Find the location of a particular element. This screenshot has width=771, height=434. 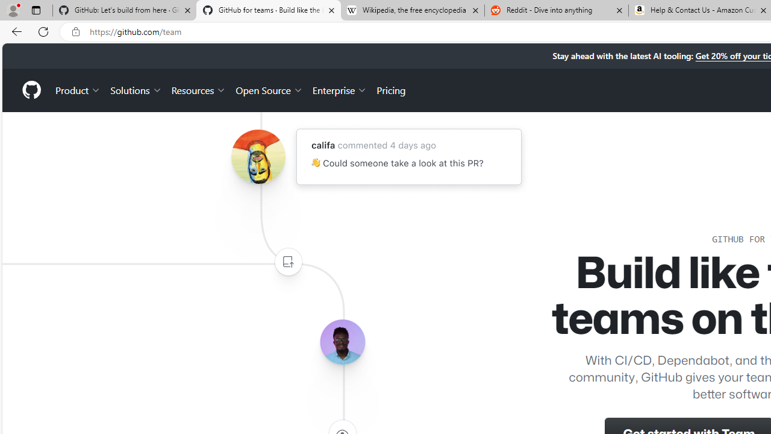

'Avatar of the user lerebear' is located at coordinates (342, 342).